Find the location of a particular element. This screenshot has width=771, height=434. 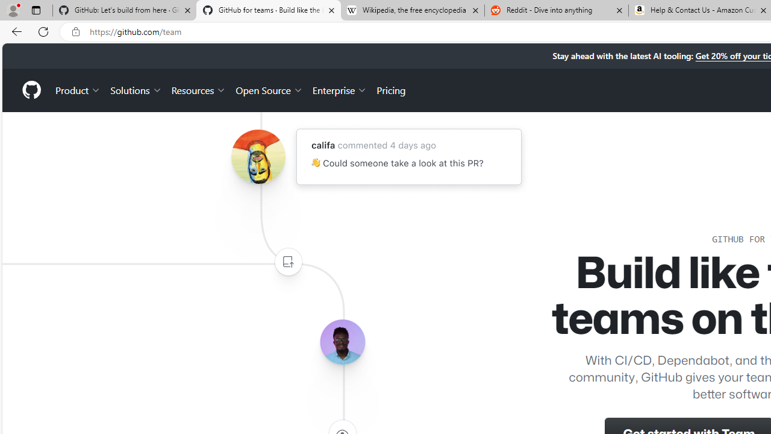

'Avatar of the user lerebear' is located at coordinates (342, 342).